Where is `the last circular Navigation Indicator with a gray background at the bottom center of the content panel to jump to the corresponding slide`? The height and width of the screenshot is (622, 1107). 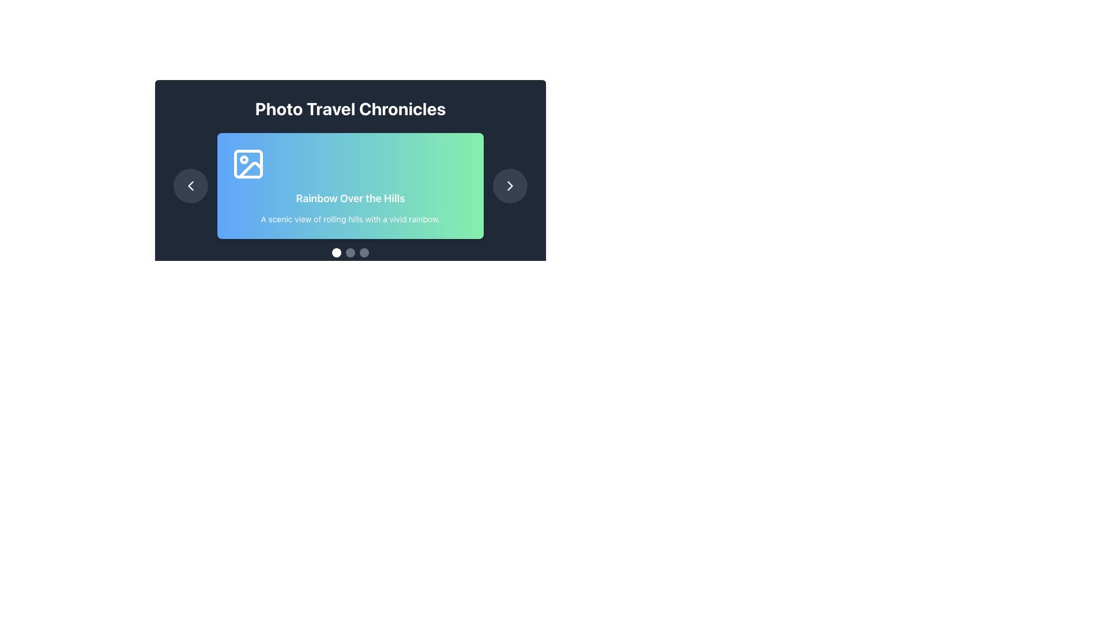
the last circular Navigation Indicator with a gray background at the bottom center of the content panel to jump to the corresponding slide is located at coordinates (364, 252).